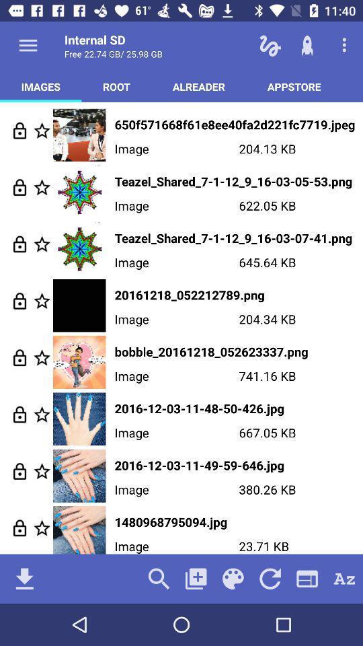 This screenshot has height=646, width=363. Describe the element at coordinates (19, 357) in the screenshot. I see `unlock content` at that location.